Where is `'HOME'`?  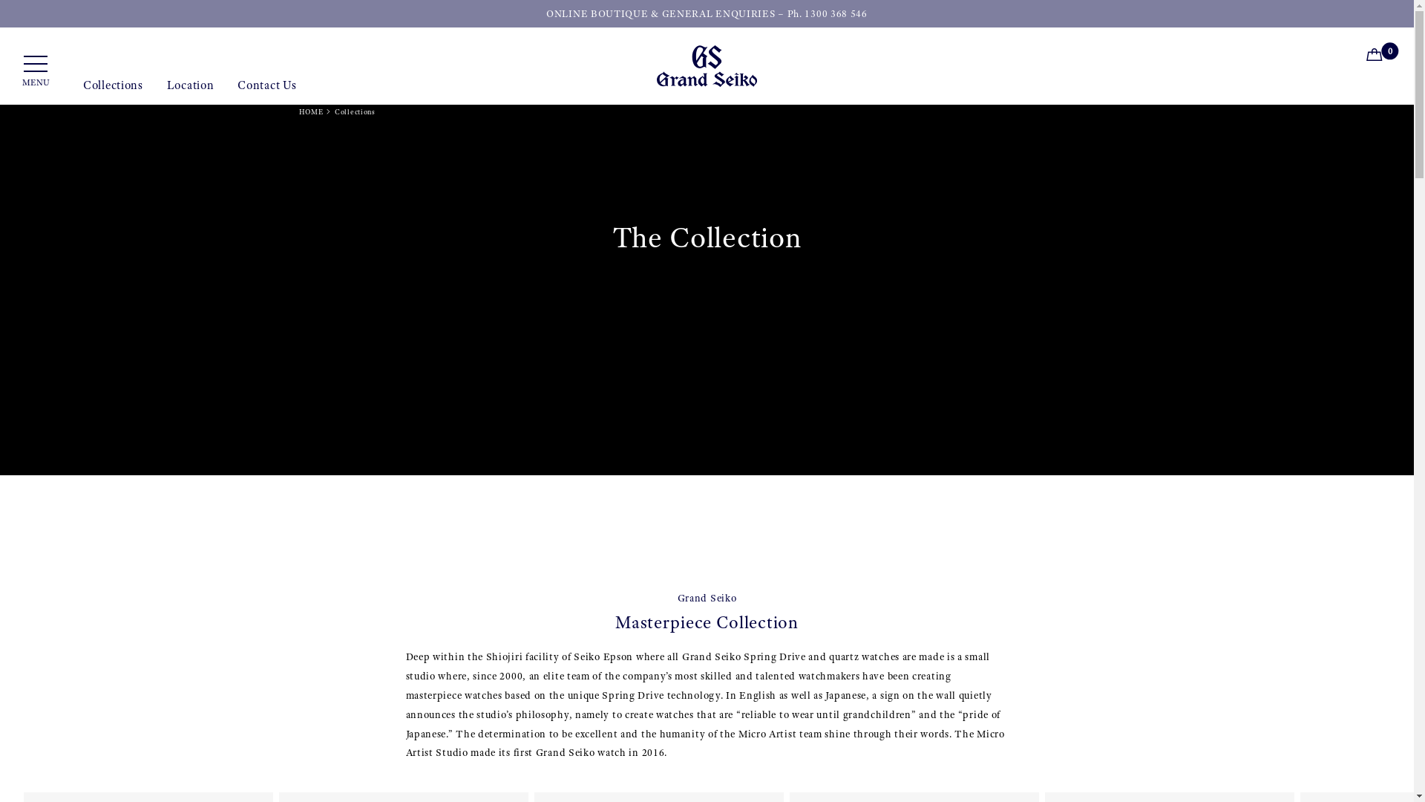 'HOME' is located at coordinates (309, 111).